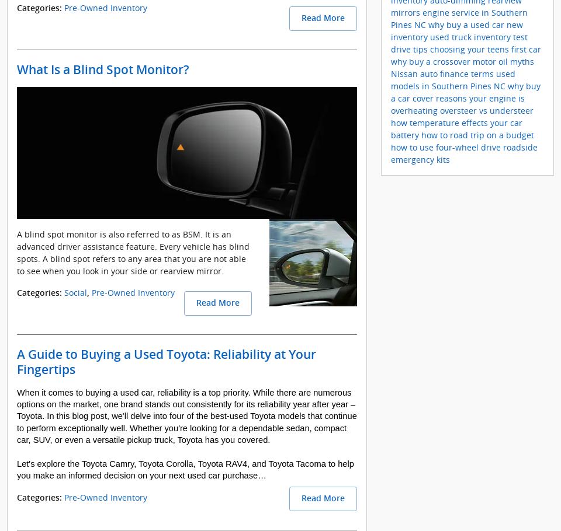 The width and height of the screenshot is (561, 531). Describe the element at coordinates (457, 30) in the screenshot. I see `'new inventory'` at that location.